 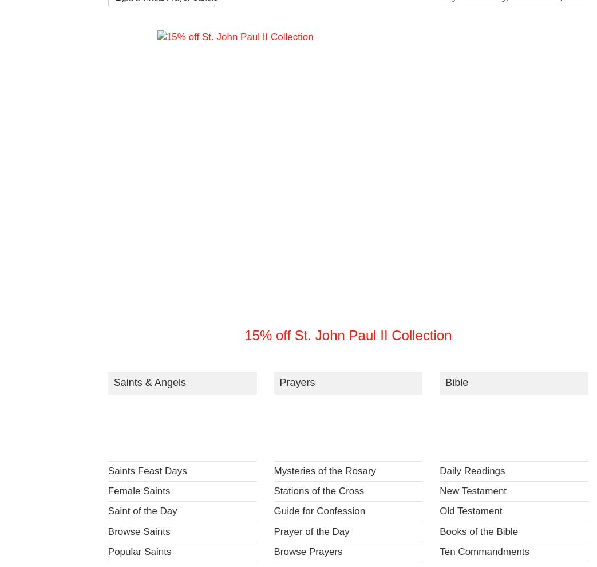 I want to click on 'Saint of the Day', so click(x=106, y=510).